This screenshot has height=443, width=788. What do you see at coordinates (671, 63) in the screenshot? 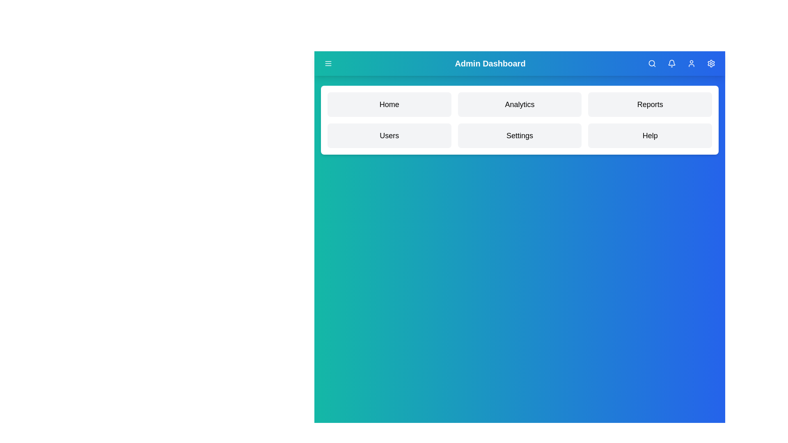
I see `the notification bell icon to view notifications` at bounding box center [671, 63].